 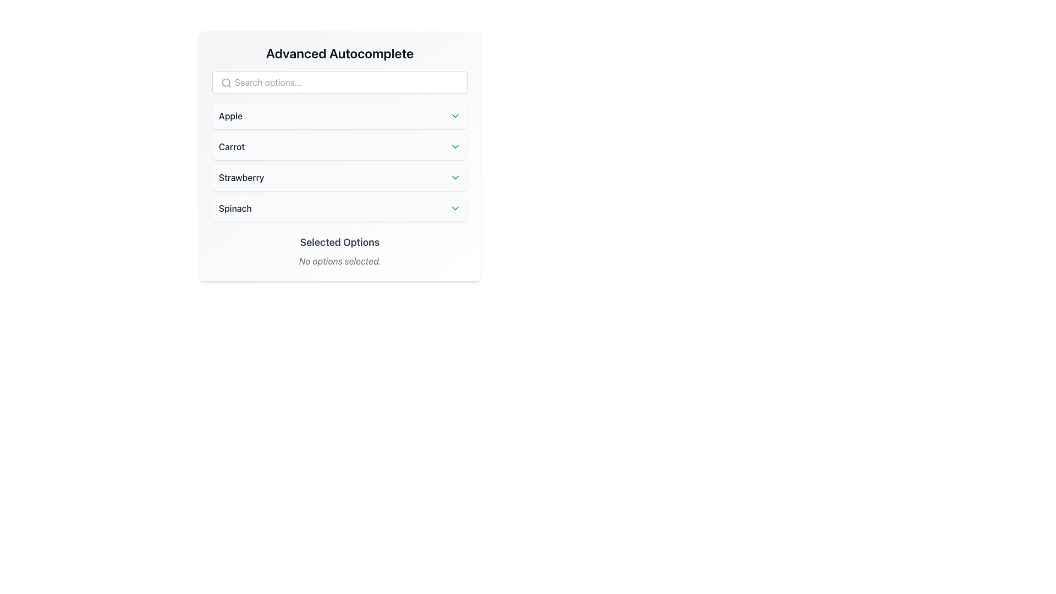 I want to click on the chevron-down icon styled in green, so click(x=455, y=177).